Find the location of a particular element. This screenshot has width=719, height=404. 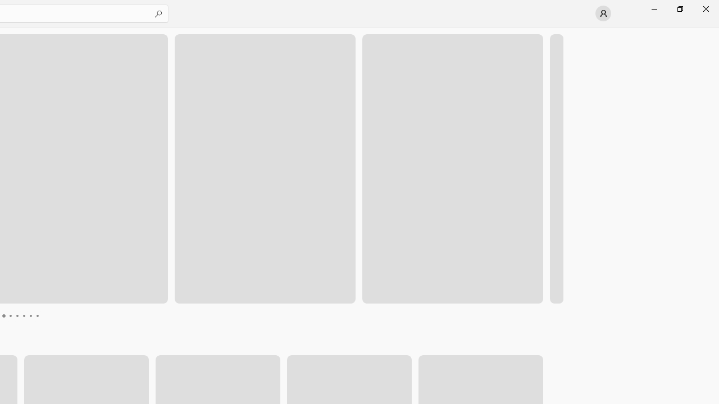

'Page 6' is located at coordinates (24, 316).